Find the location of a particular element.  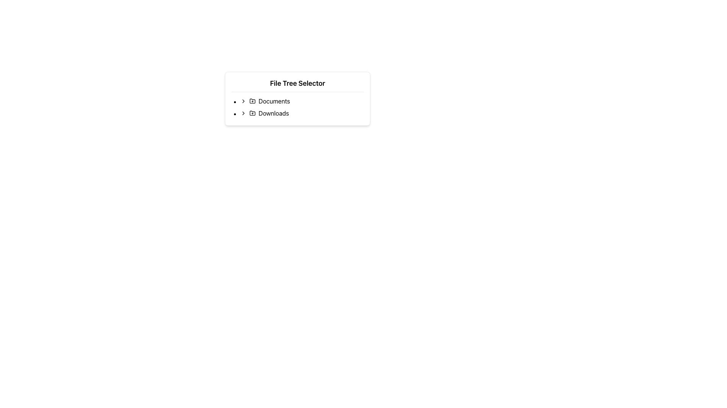

the right-facing chevron icon, which is a minimalist outline with a black stroke is located at coordinates (243, 100).